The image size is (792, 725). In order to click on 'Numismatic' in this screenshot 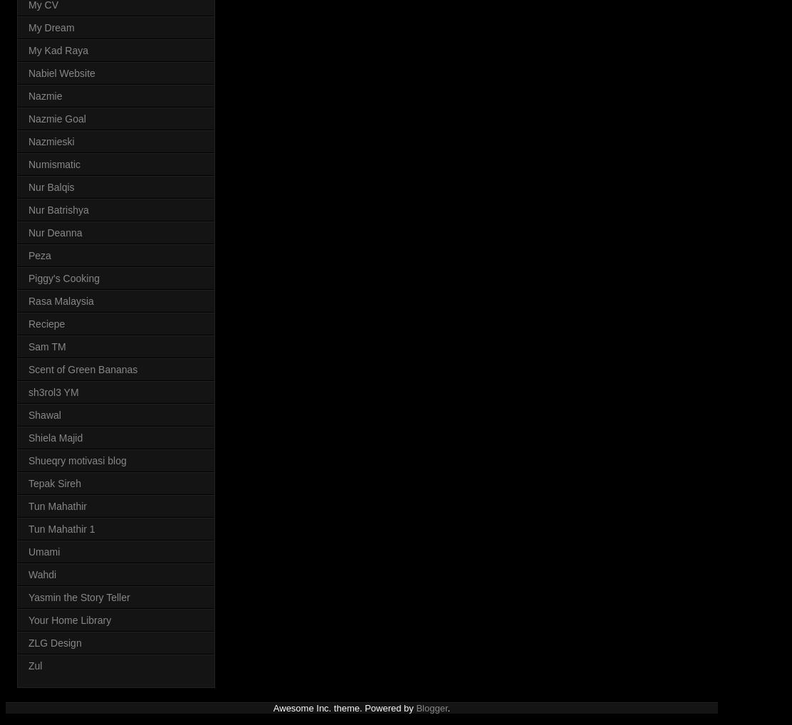, I will do `click(53, 162)`.